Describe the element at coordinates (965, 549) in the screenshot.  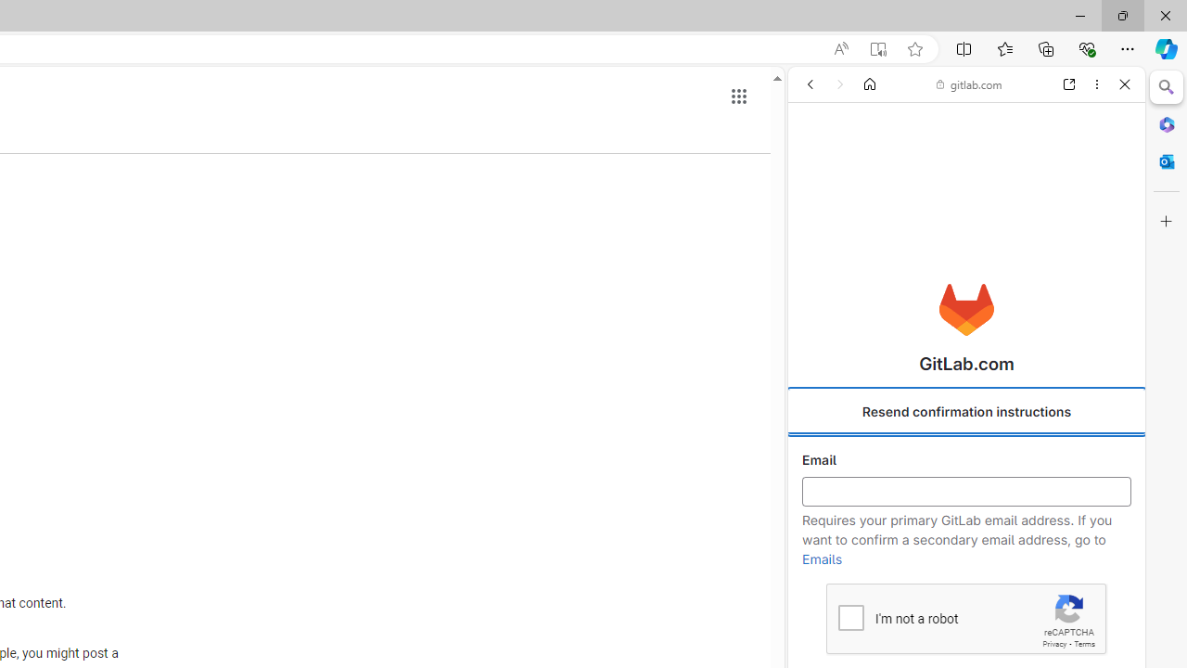
I see `'About GitLab'` at that location.